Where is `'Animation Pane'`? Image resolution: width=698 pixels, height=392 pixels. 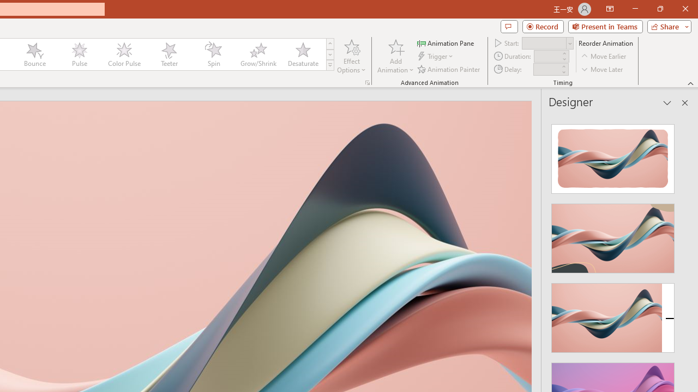 'Animation Pane' is located at coordinates (446, 42).